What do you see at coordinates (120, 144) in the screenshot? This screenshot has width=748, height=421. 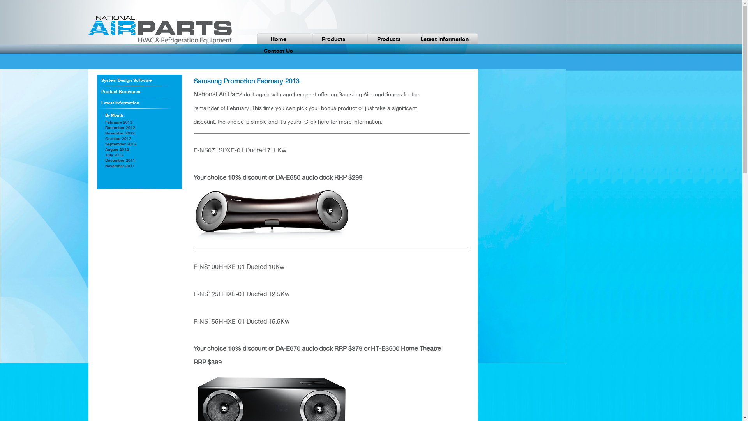 I see `'September 2012'` at bounding box center [120, 144].